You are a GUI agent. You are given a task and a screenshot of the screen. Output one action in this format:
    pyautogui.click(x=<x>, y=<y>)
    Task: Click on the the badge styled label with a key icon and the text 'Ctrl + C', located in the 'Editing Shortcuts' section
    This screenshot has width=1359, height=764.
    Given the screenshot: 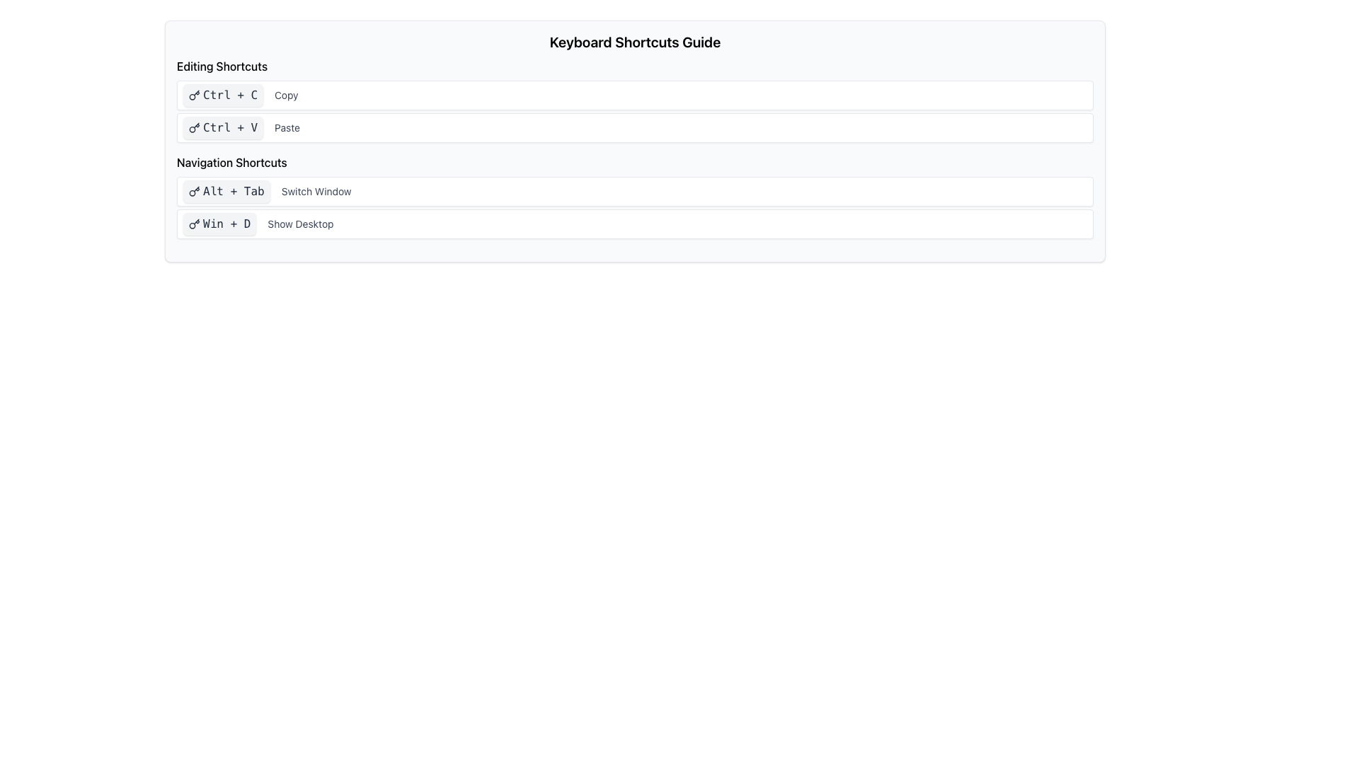 What is the action you would take?
    pyautogui.click(x=222, y=95)
    